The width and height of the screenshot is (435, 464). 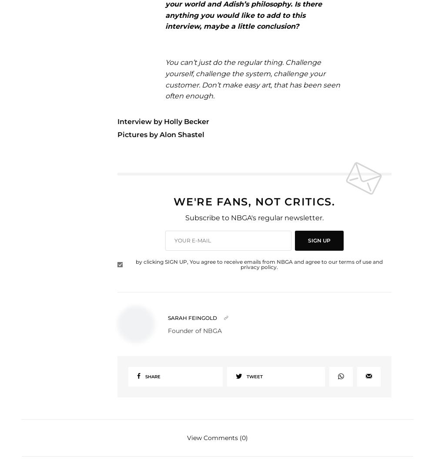 What do you see at coordinates (152, 376) in the screenshot?
I see `'Share'` at bounding box center [152, 376].